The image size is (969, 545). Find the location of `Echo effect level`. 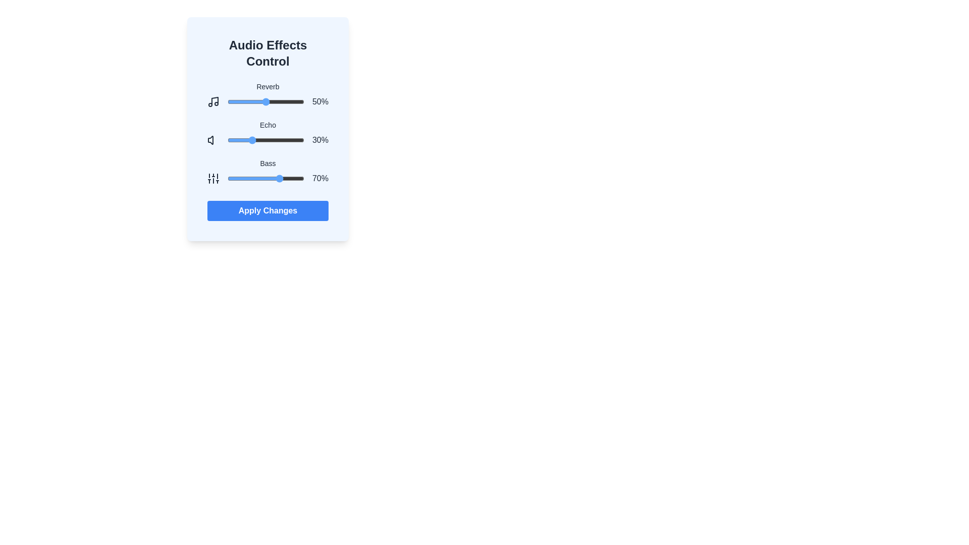

Echo effect level is located at coordinates (248, 140).